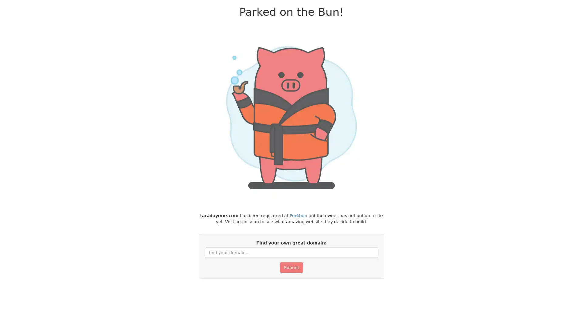 The height and width of the screenshot is (328, 583). Describe the element at coordinates (291, 267) in the screenshot. I see `Submit` at that location.